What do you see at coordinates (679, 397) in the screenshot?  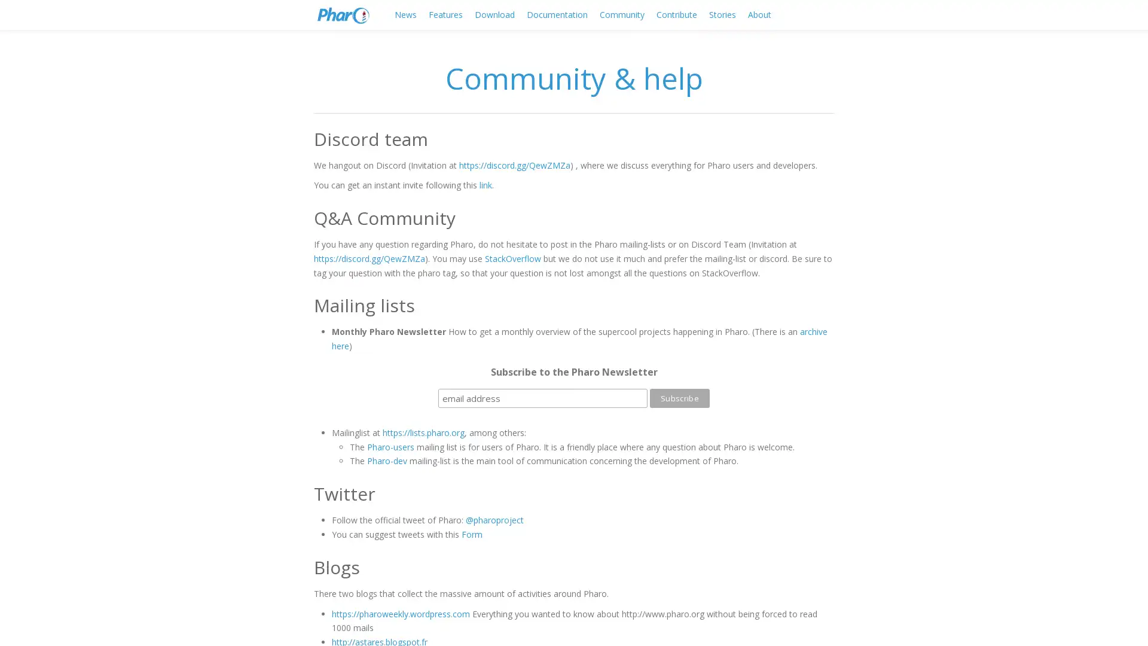 I see `Subscribe` at bounding box center [679, 397].